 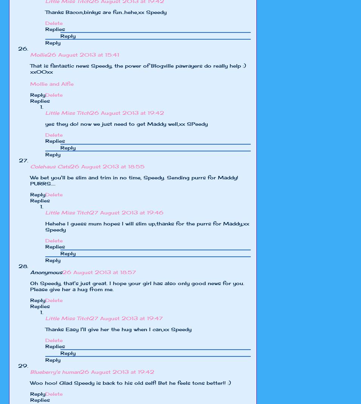 I want to click on '26 August 2013 at 15:41', so click(x=83, y=54).